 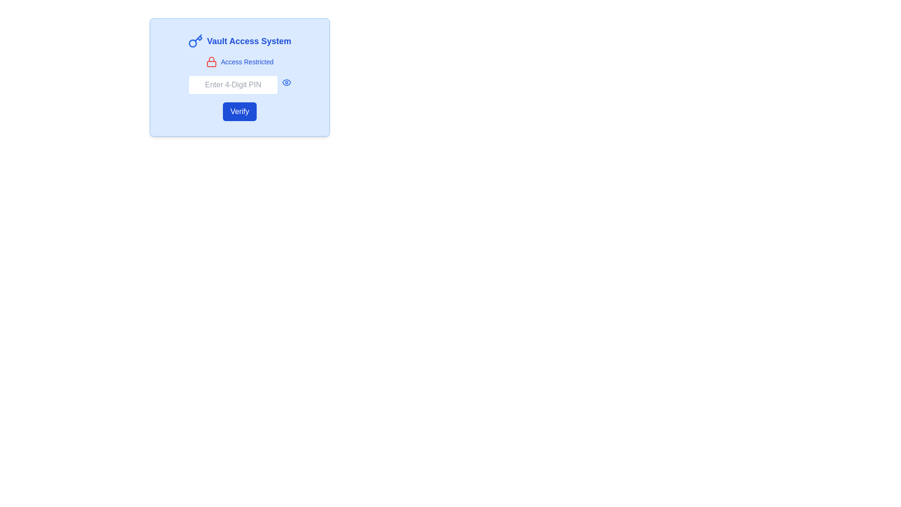 What do you see at coordinates (247, 61) in the screenshot?
I see `the text label that provides a message to the user, located to the right of a red lock symbol and above the input field and verify button` at bounding box center [247, 61].